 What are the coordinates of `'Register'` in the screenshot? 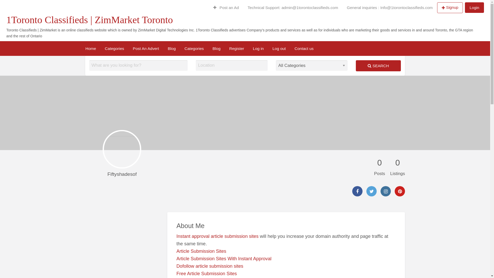 It's located at (236, 48).